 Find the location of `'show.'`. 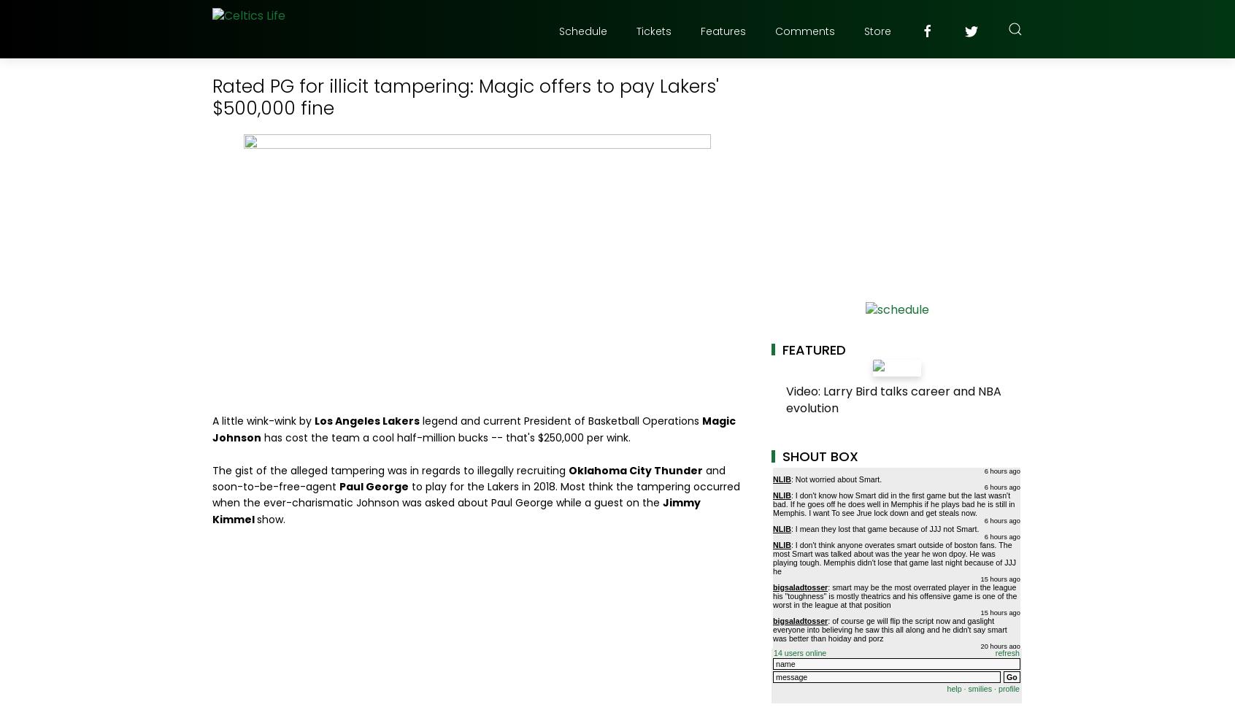

'show.' is located at coordinates (255, 519).